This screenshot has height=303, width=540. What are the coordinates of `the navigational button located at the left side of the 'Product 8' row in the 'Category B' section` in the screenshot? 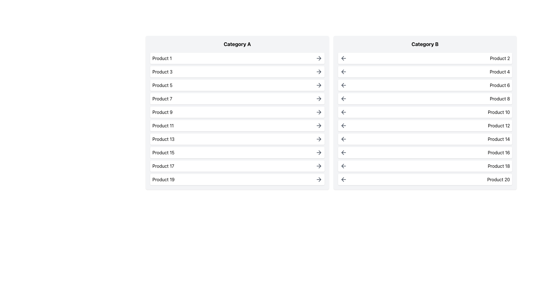 It's located at (343, 98).